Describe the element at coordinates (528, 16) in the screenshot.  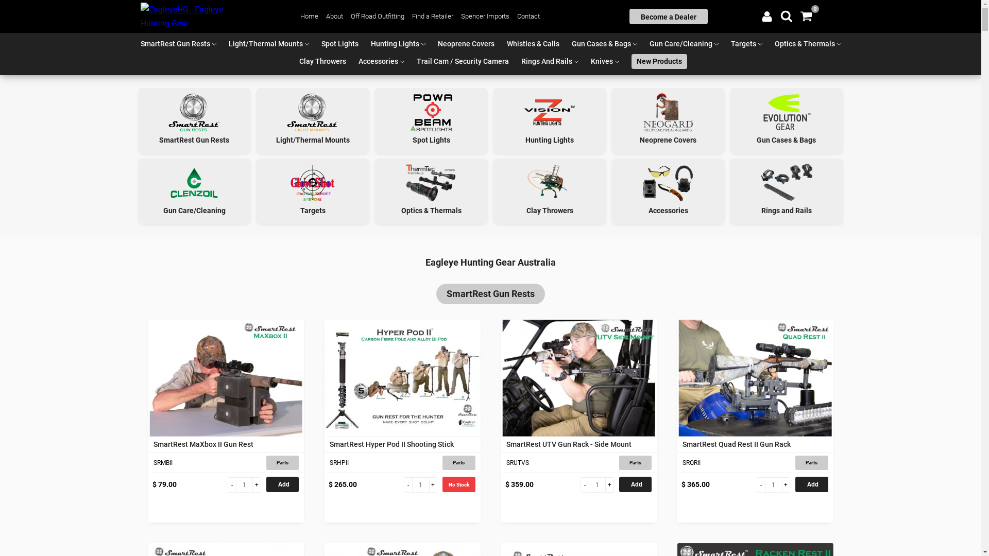
I see `'Contact'` at that location.